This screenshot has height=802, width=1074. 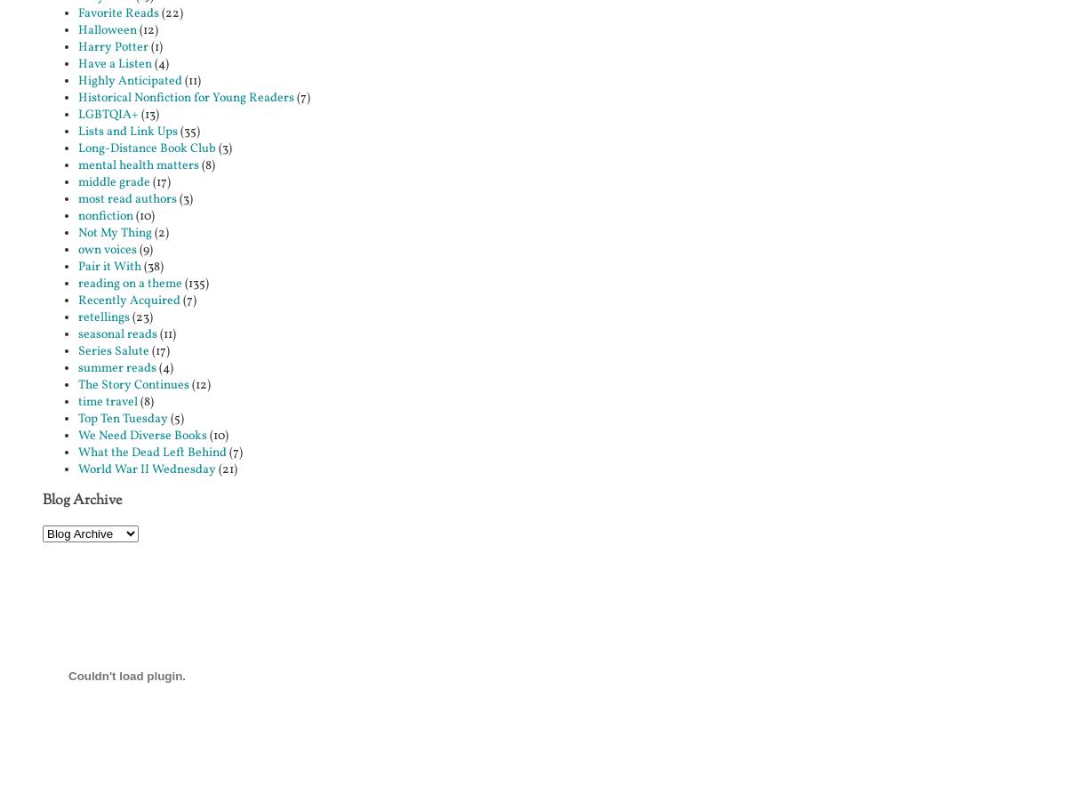 I want to click on '(9)', so click(x=146, y=249).